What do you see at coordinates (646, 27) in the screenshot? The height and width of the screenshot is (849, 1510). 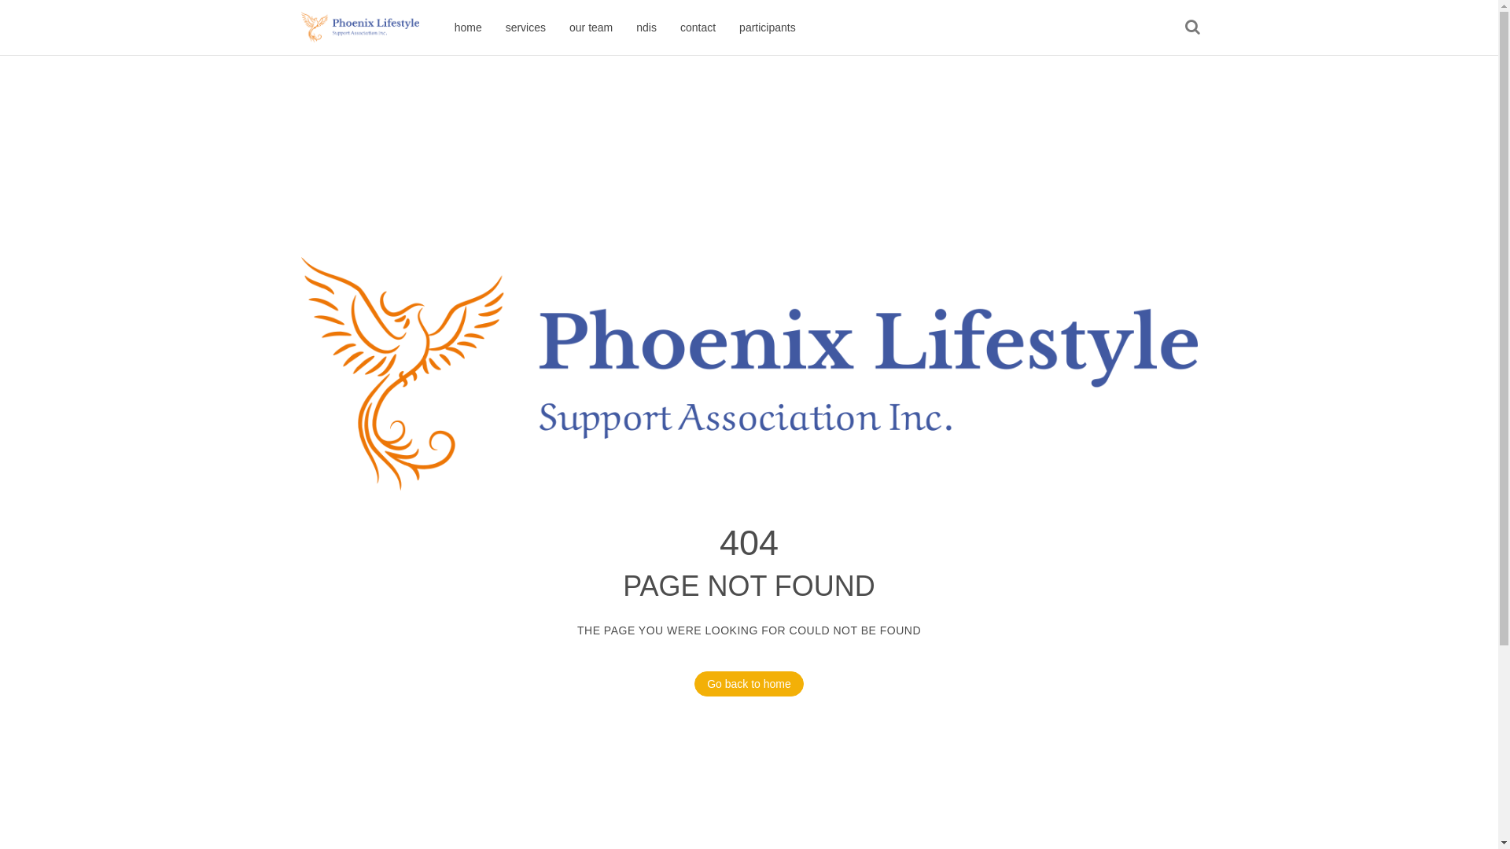 I see `'ndis'` at bounding box center [646, 27].